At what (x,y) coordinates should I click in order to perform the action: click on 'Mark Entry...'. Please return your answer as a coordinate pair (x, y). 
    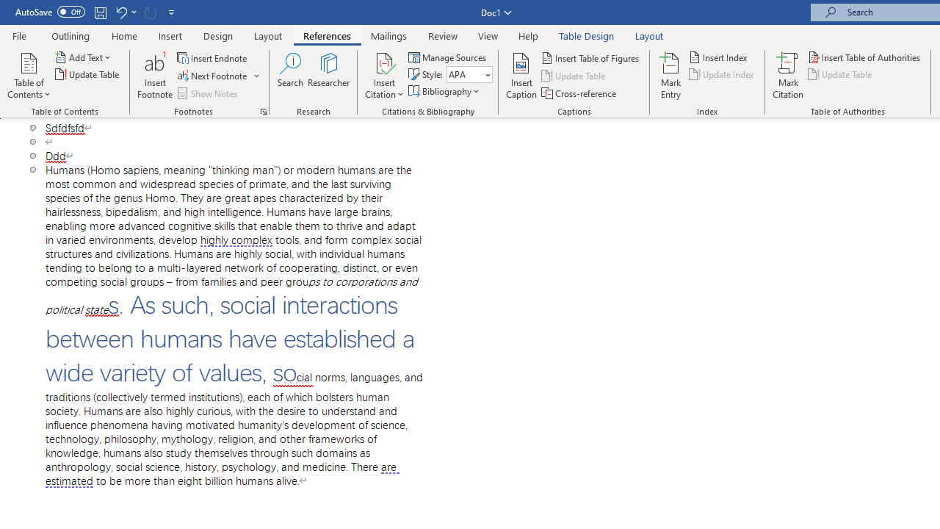
    Looking at the image, I should click on (670, 76).